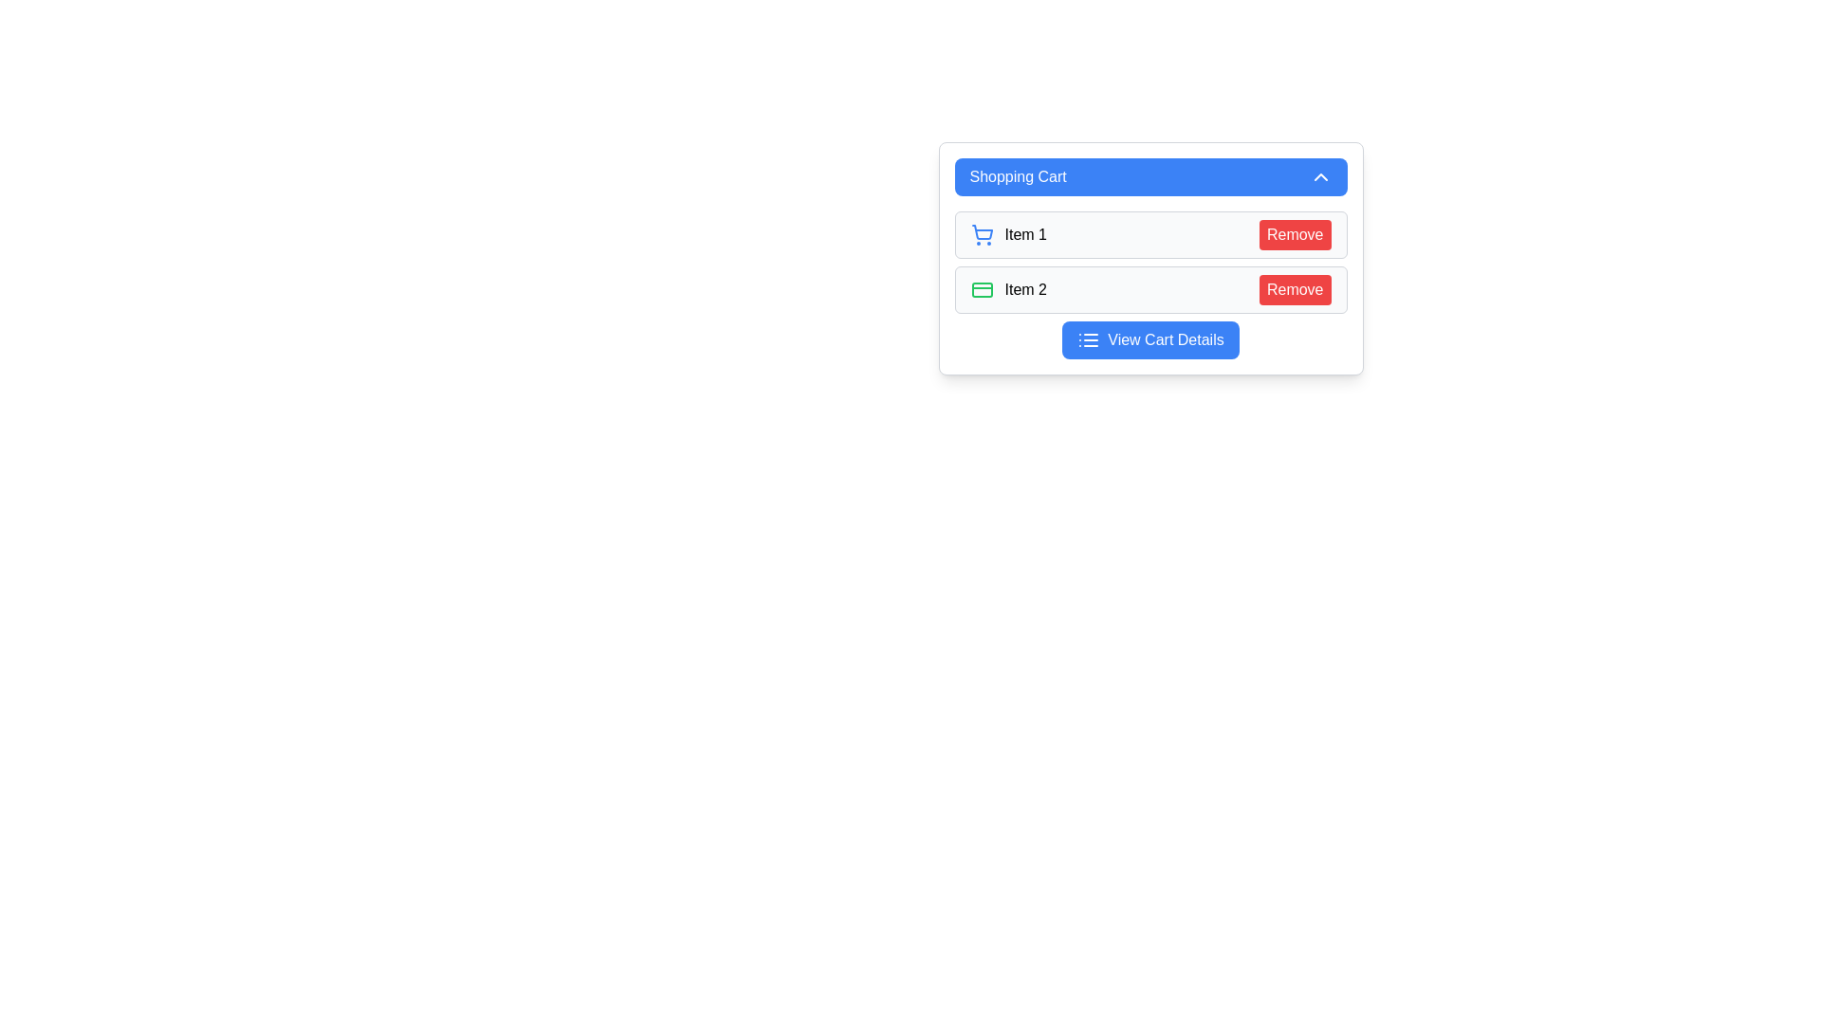 The width and height of the screenshot is (1821, 1024). I want to click on label of the item in the second row of the shopping cart, located to the left of the red 'Remove' button, so click(1007, 289).